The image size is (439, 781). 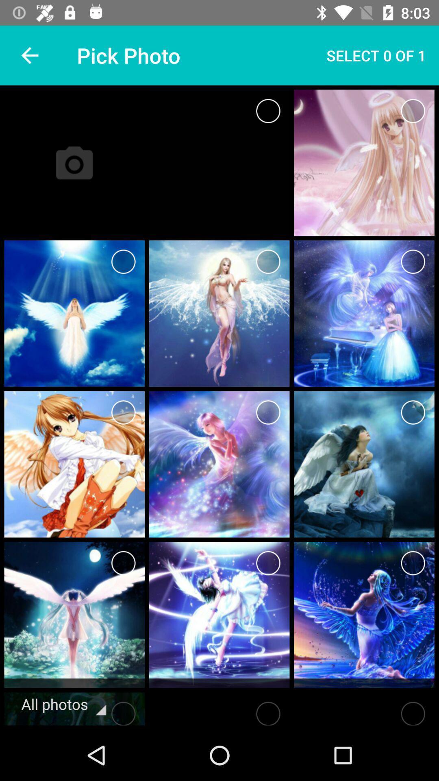 What do you see at coordinates (363, 711) in the screenshot?
I see `the circle sign at the right corner bottom of the page` at bounding box center [363, 711].